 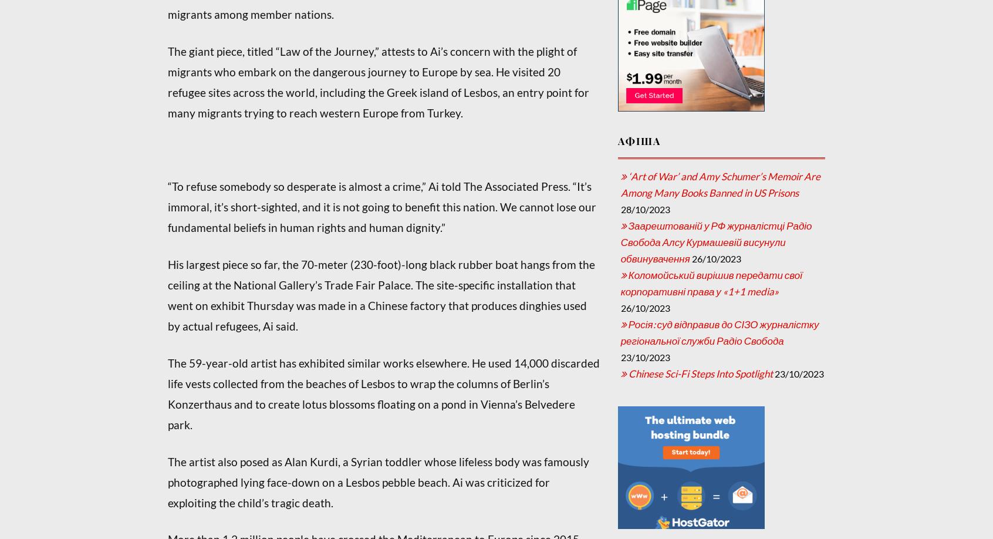 What do you see at coordinates (711, 283) in the screenshot?
I see `'Коломойський вирішив передати свої корпоративні права у «1+1 media»'` at bounding box center [711, 283].